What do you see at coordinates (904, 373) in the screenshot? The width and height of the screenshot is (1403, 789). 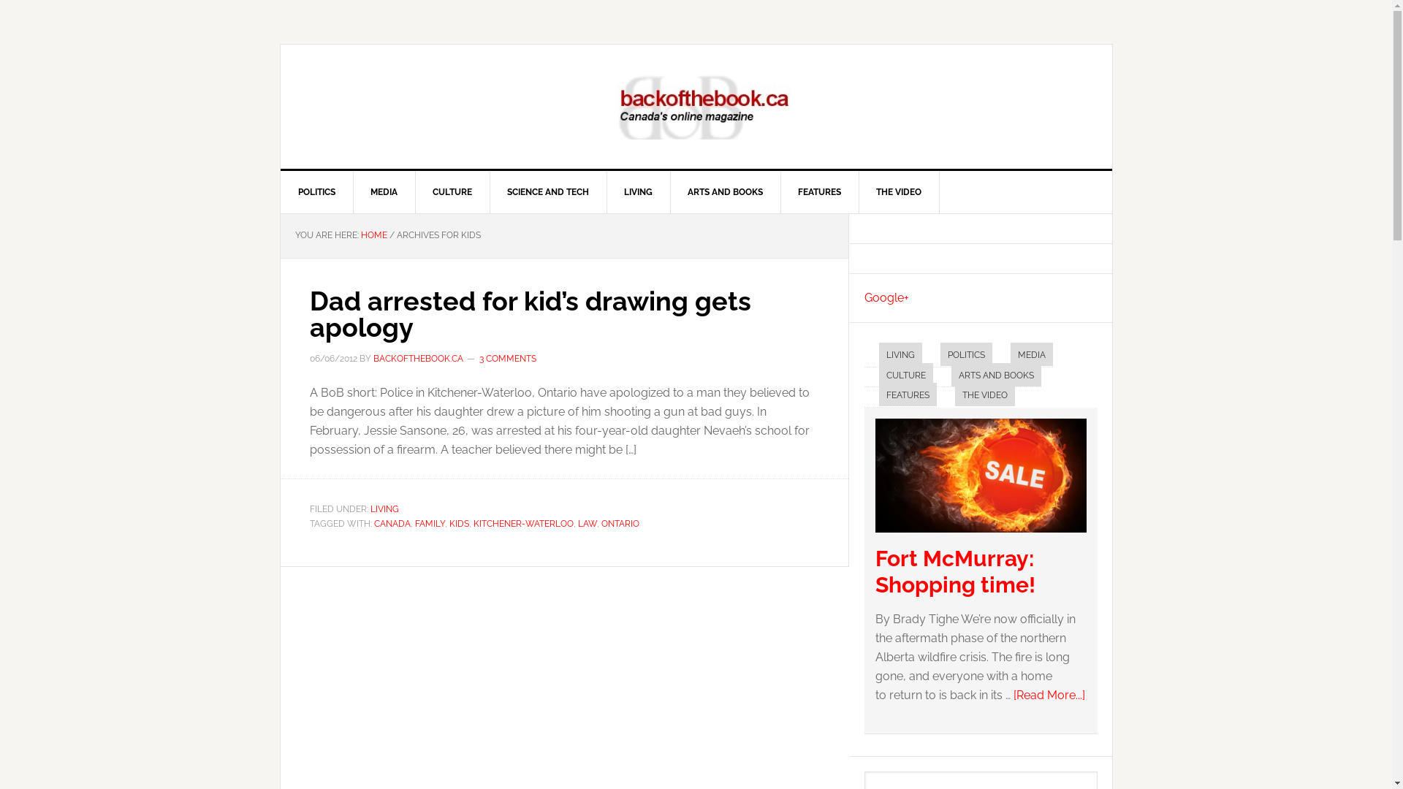 I see `'CULTURE'` at bounding box center [904, 373].